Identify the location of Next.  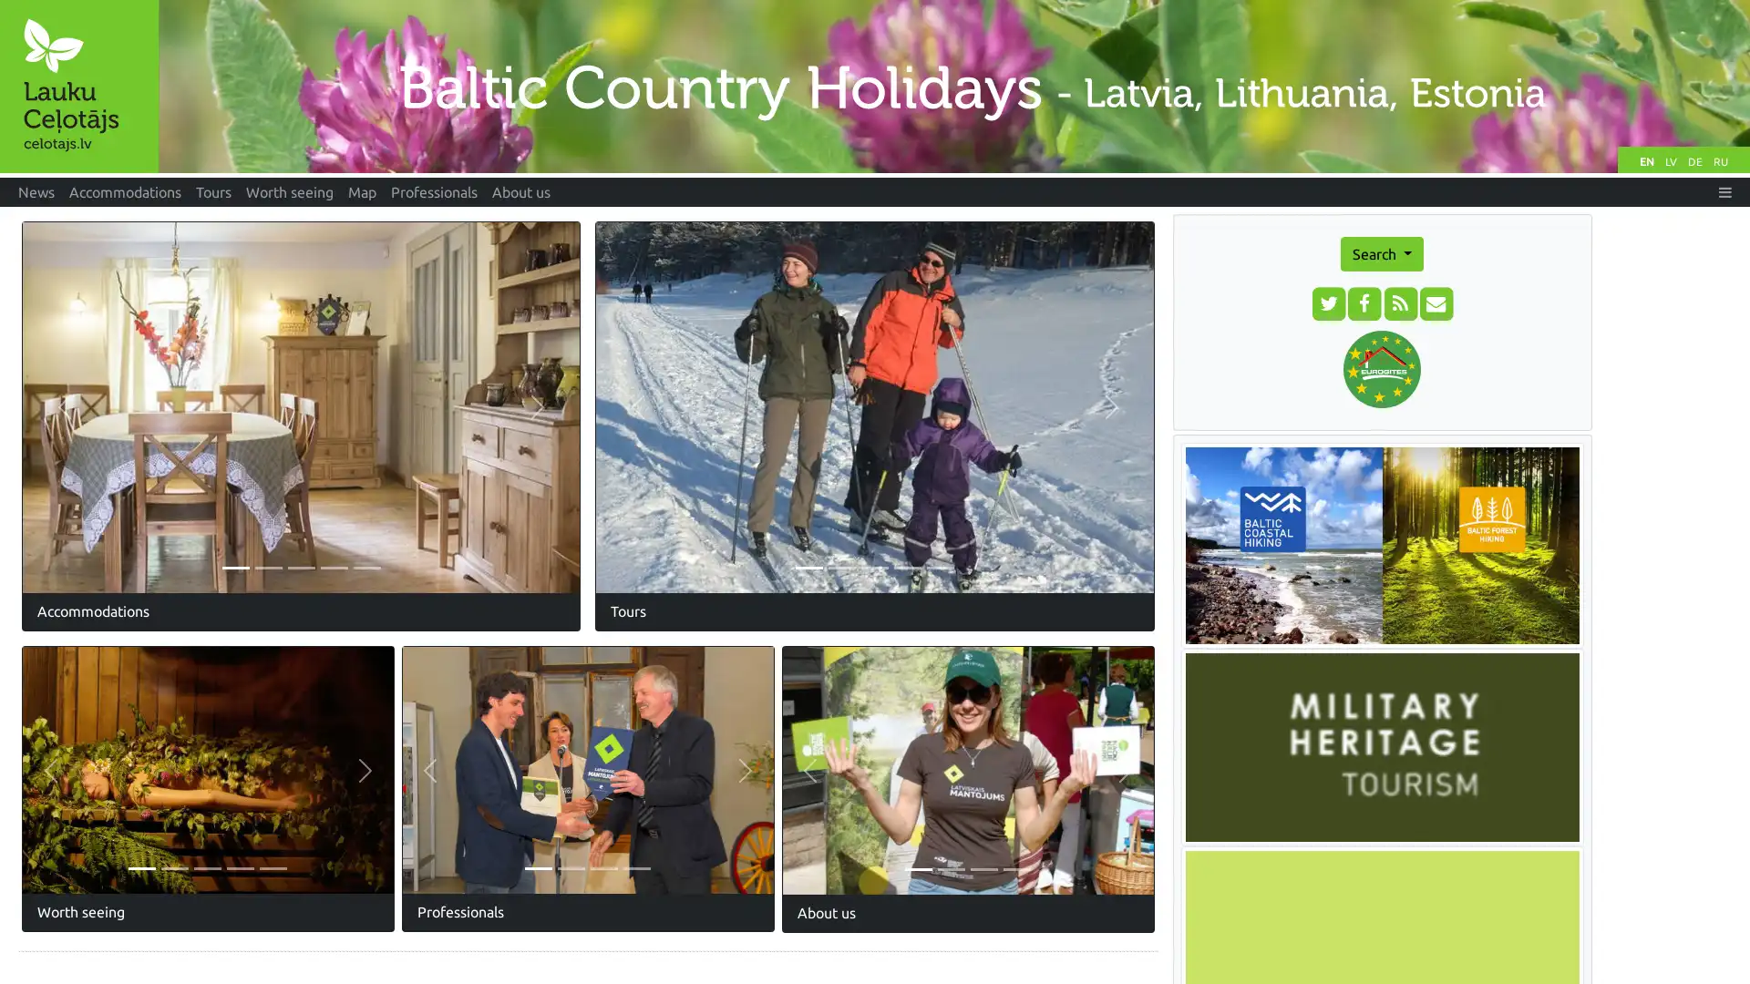
(1124, 770).